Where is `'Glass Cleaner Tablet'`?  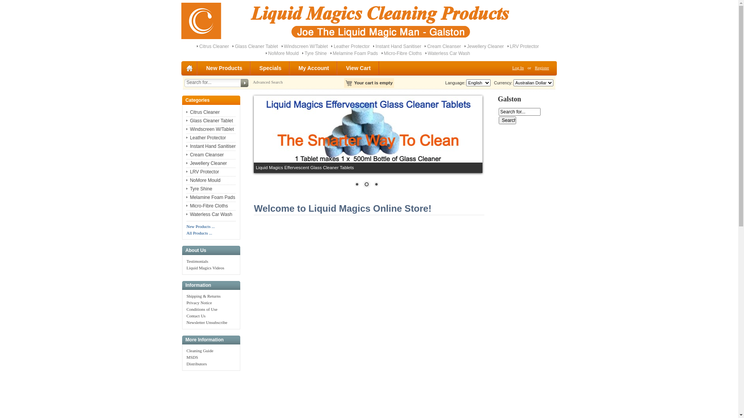
'Glass Cleaner Tablet' is located at coordinates (232, 46).